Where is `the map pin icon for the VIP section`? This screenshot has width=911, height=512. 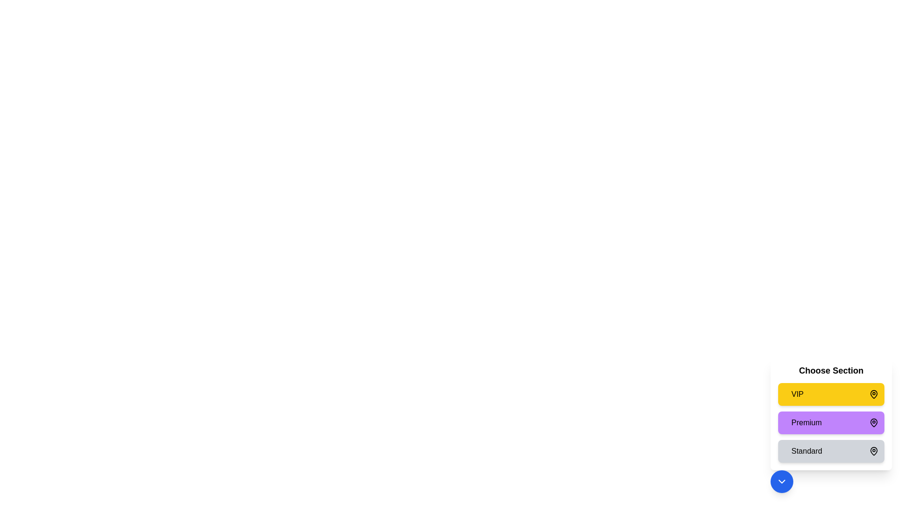 the map pin icon for the VIP section is located at coordinates (874, 394).